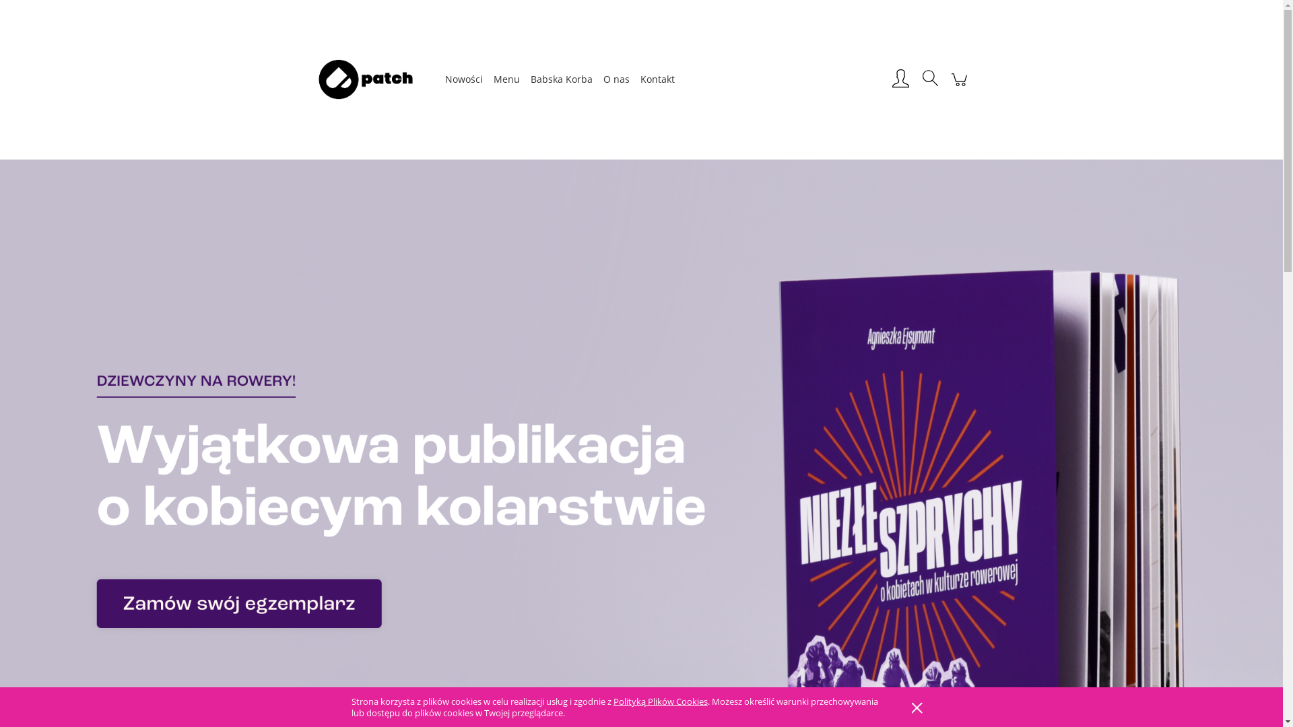 This screenshot has height=727, width=1293. I want to click on 'Kontakt', so click(633, 79).